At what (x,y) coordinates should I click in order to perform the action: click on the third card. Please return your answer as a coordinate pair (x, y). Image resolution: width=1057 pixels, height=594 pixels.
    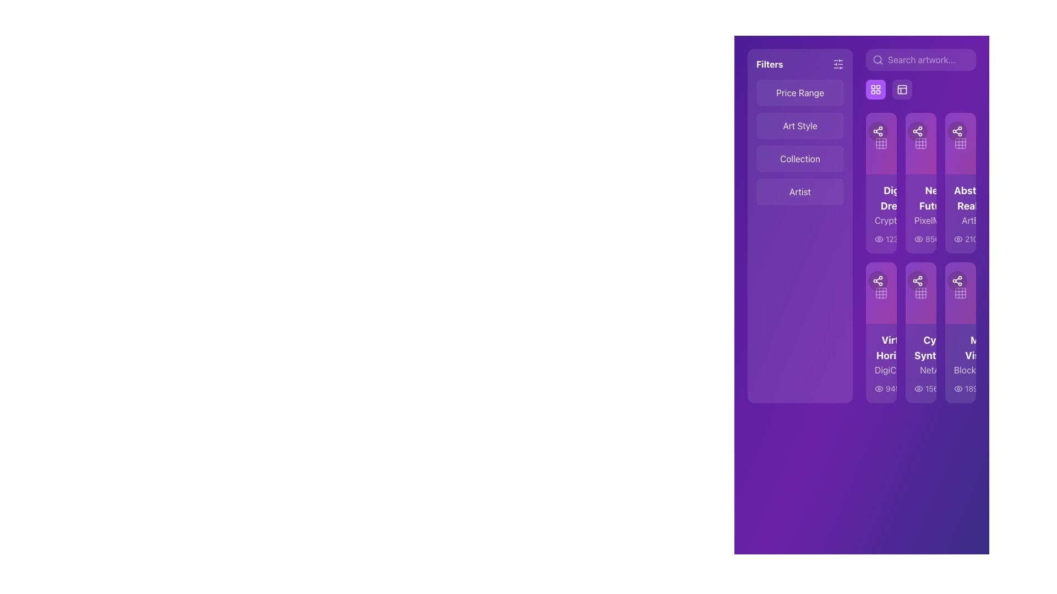
    Looking at the image, I should click on (960, 214).